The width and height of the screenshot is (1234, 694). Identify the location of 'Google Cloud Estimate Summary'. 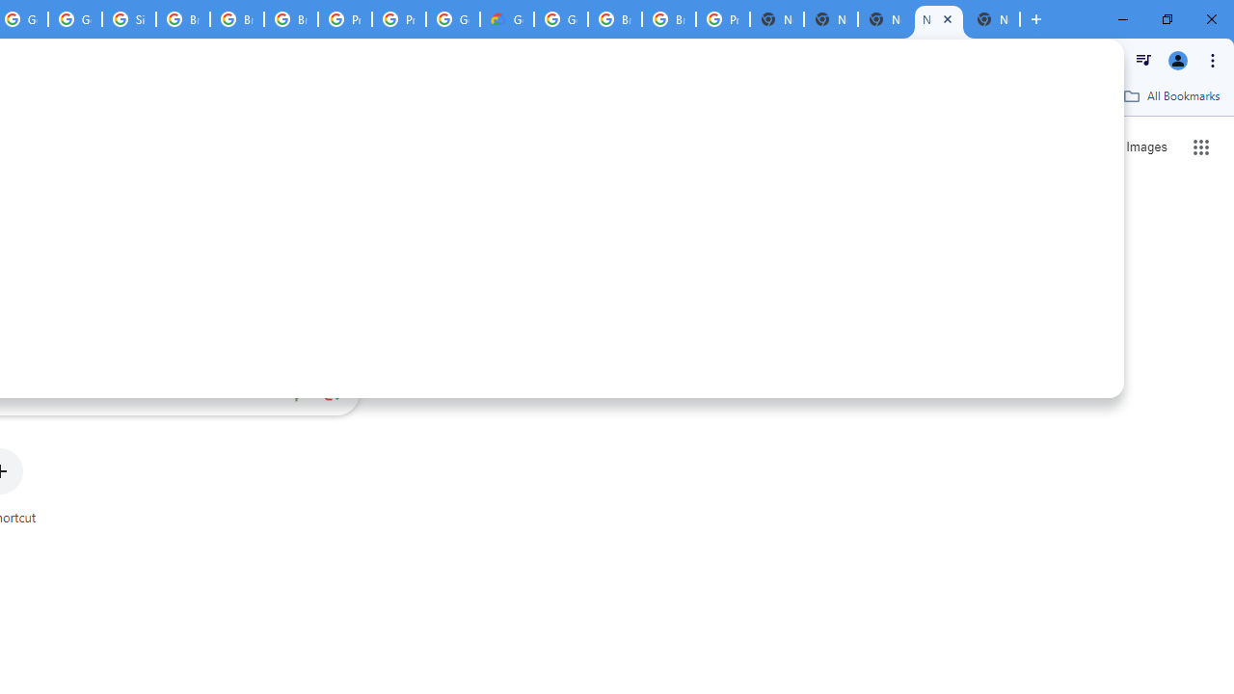
(507, 19).